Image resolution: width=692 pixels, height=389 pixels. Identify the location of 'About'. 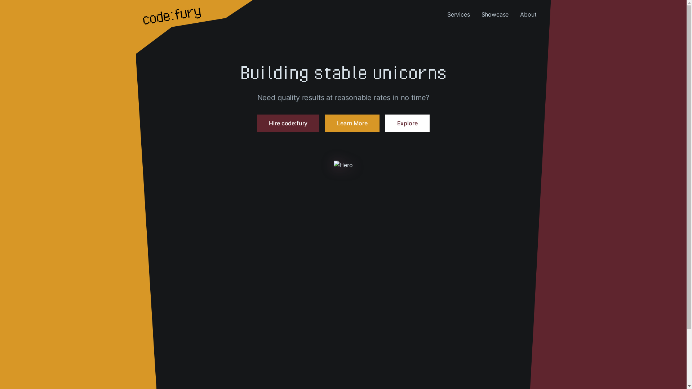
(528, 14).